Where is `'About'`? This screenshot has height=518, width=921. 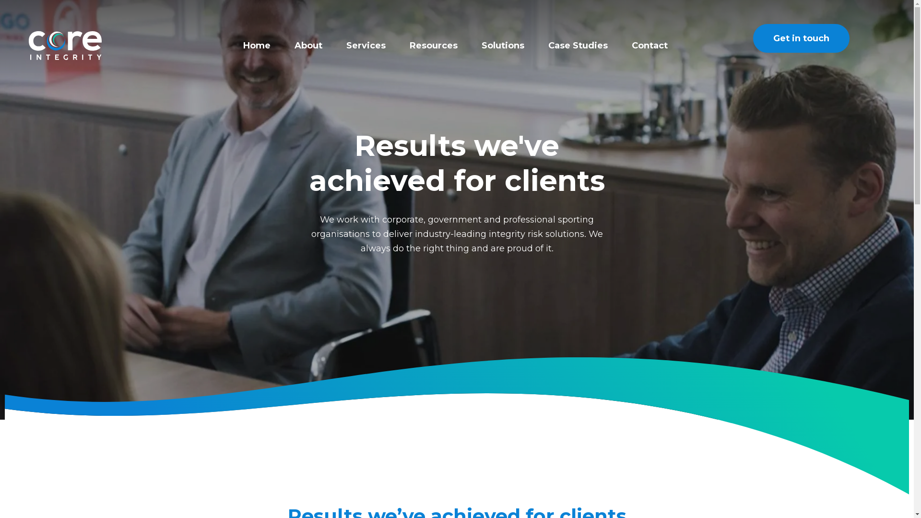
'About' is located at coordinates (294, 46).